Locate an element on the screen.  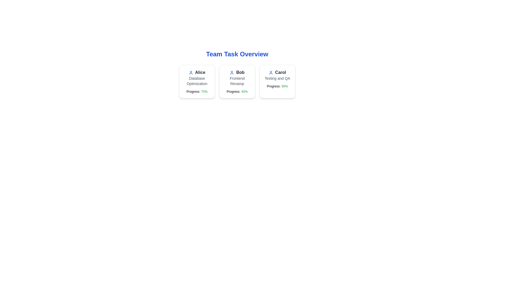
the task card for AliceDatabase Optimization is located at coordinates (197, 82).